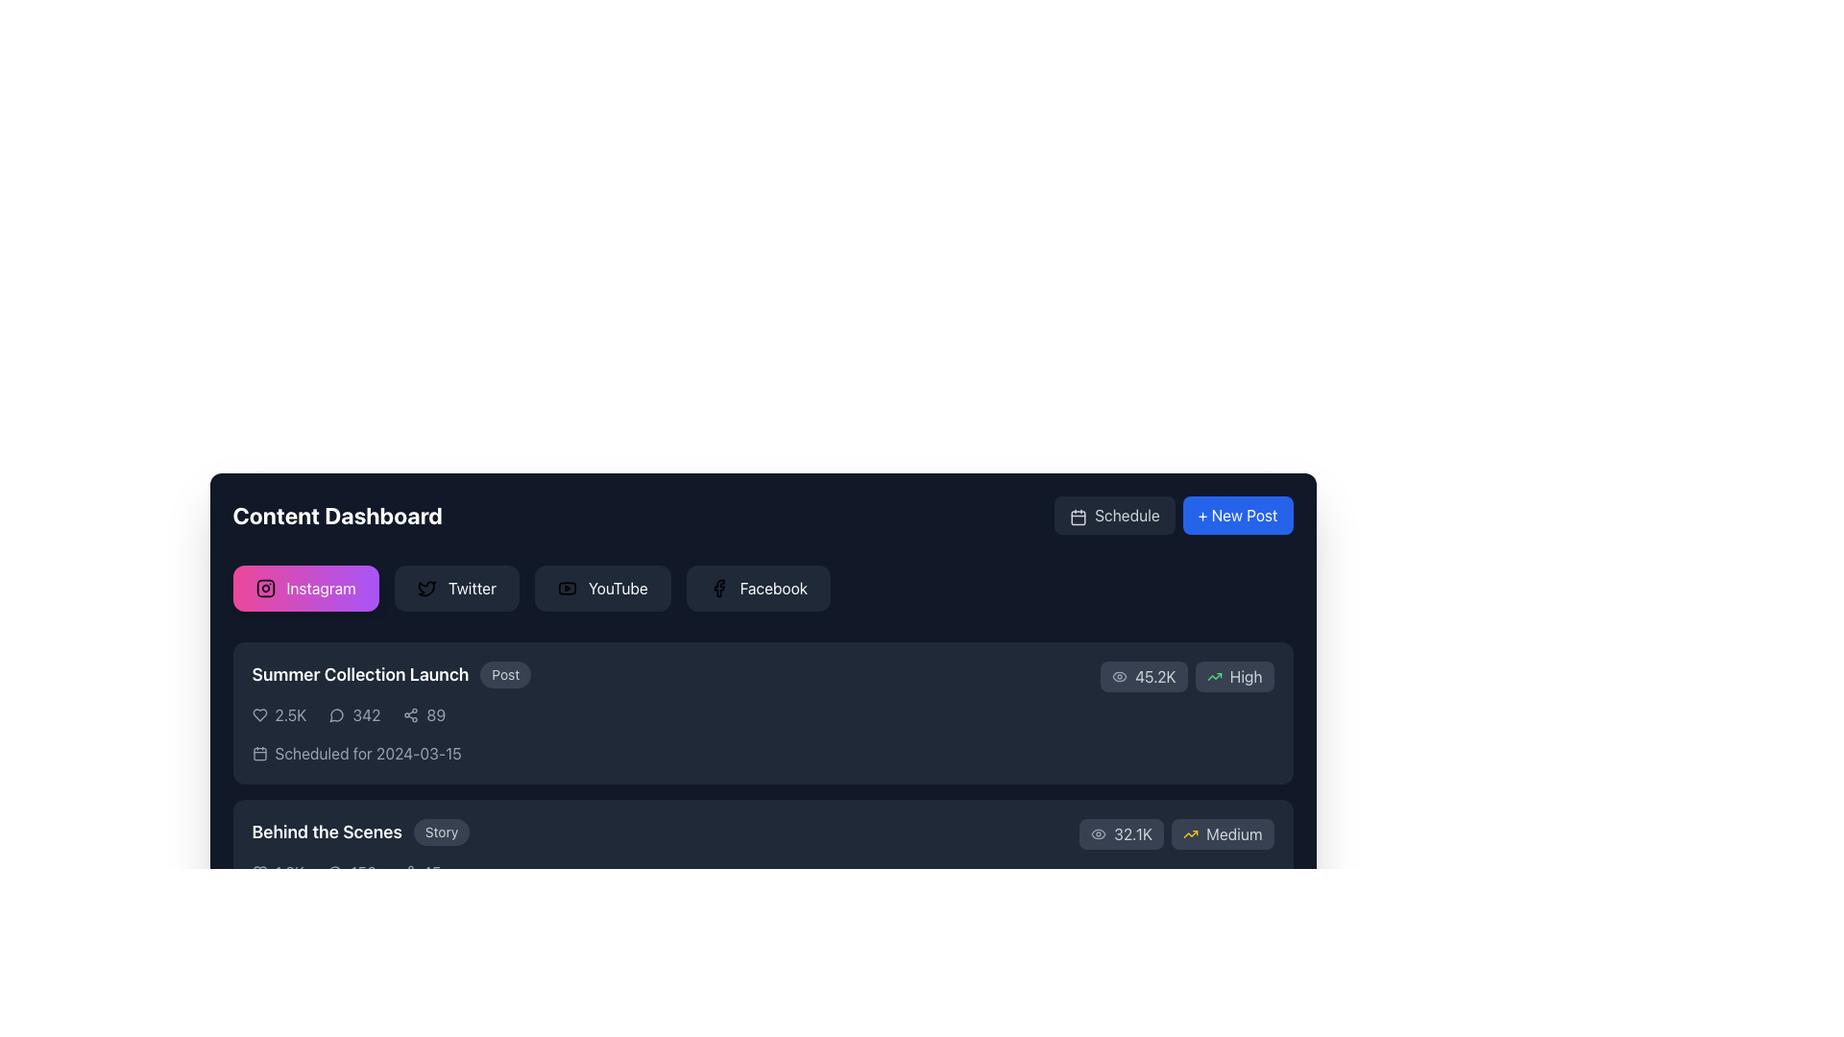 Image resolution: width=1844 pixels, height=1037 pixels. What do you see at coordinates (354, 714) in the screenshot?
I see `the comments count element associated with the 'Summer Collection Launch' post, which is located in the second position of the engagement statistics group in the dashboard under the 'Instagram' tab` at bounding box center [354, 714].